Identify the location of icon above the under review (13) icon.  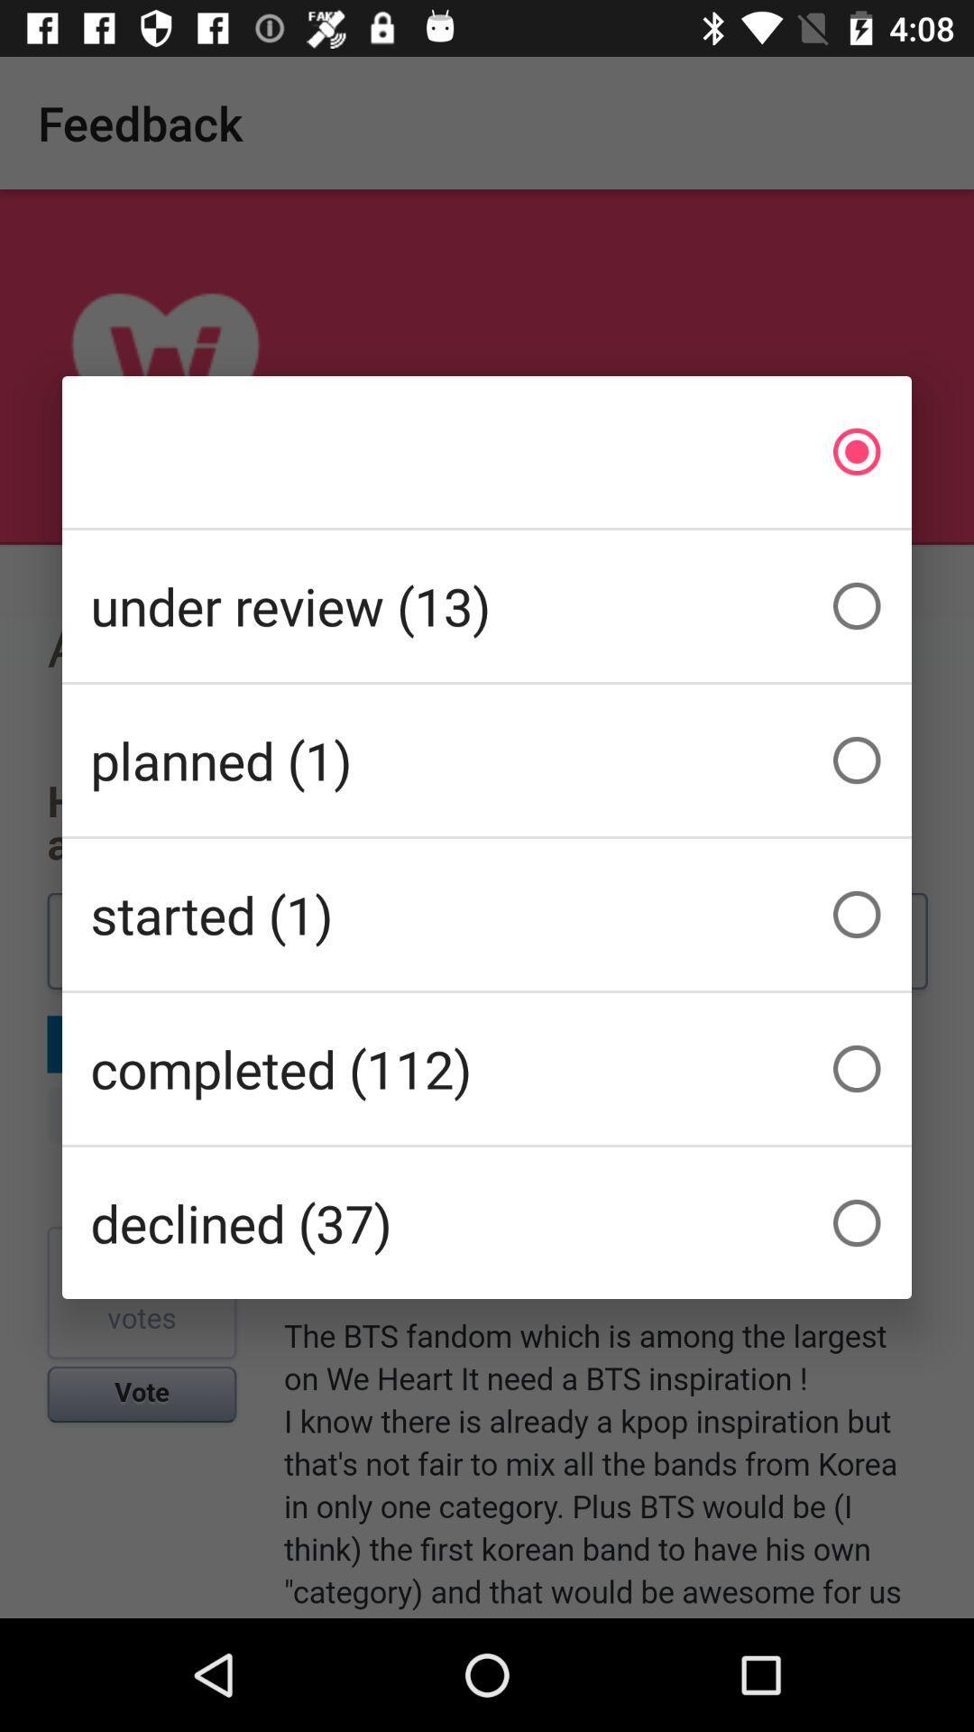
(487, 451).